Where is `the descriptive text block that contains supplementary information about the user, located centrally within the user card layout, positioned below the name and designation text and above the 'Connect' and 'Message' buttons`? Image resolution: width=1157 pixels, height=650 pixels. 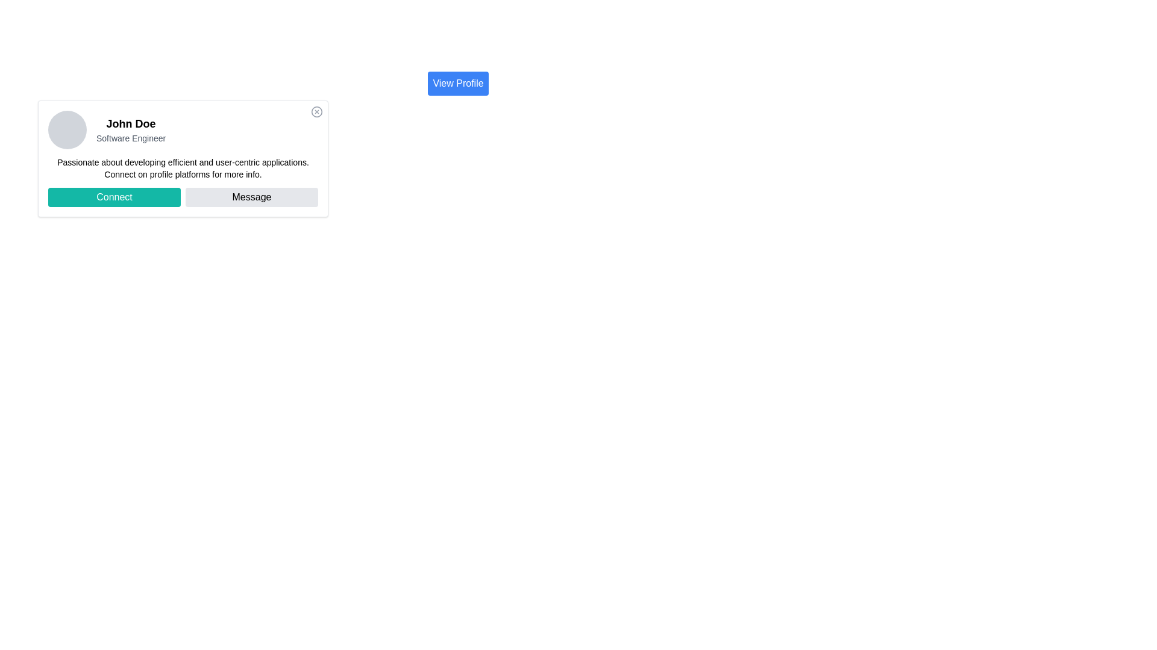
the descriptive text block that contains supplementary information about the user, located centrally within the user card layout, positioned below the name and designation text and above the 'Connect' and 'Message' buttons is located at coordinates (182, 169).